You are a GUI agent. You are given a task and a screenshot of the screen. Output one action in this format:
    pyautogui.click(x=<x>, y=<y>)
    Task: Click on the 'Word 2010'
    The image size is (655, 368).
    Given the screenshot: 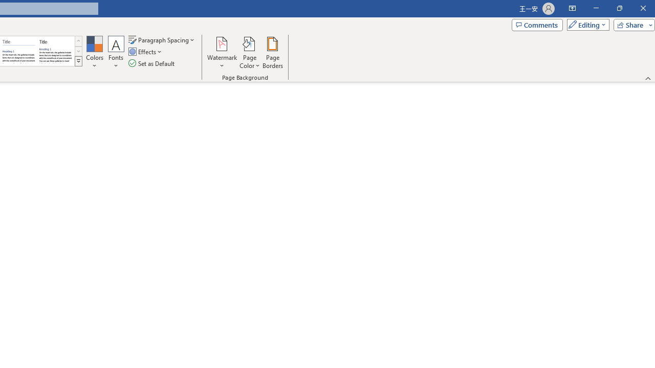 What is the action you would take?
    pyautogui.click(x=19, y=51)
    